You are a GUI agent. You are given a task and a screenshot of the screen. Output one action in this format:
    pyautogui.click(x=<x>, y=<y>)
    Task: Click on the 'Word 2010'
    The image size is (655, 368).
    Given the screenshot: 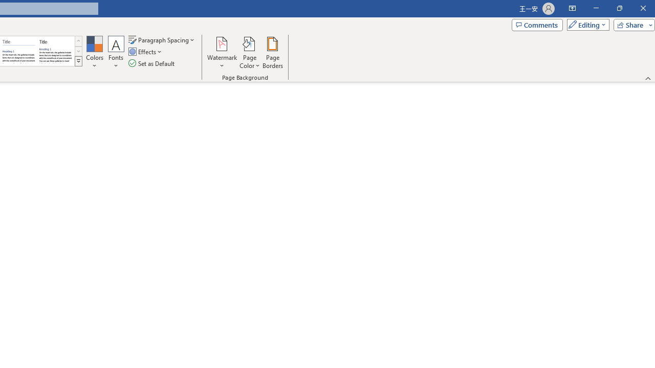 What is the action you would take?
    pyautogui.click(x=19, y=51)
    